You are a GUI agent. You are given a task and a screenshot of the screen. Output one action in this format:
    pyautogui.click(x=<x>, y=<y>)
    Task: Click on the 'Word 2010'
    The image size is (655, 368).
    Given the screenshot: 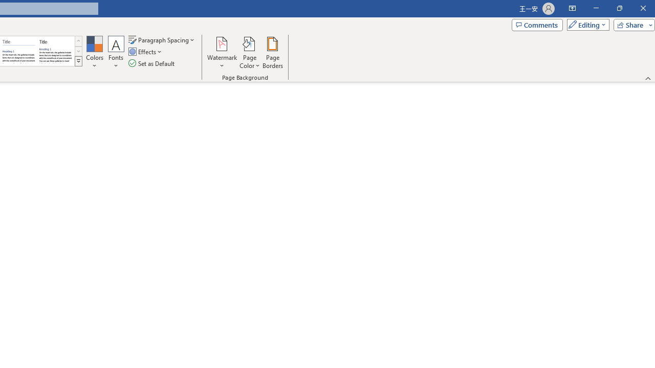 What is the action you would take?
    pyautogui.click(x=19, y=51)
    